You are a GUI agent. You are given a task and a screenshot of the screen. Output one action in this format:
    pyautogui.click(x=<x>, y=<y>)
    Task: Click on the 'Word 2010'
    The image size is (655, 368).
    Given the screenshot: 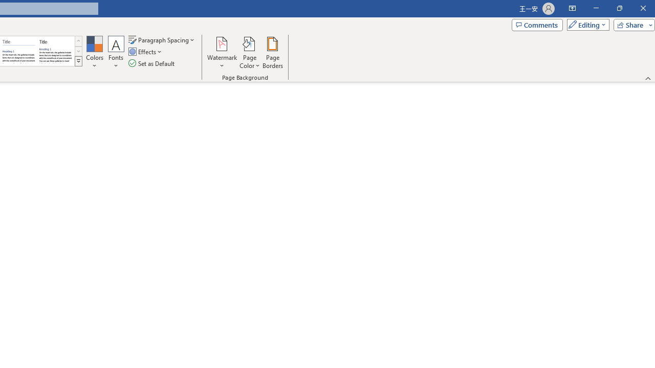 What is the action you would take?
    pyautogui.click(x=19, y=51)
    